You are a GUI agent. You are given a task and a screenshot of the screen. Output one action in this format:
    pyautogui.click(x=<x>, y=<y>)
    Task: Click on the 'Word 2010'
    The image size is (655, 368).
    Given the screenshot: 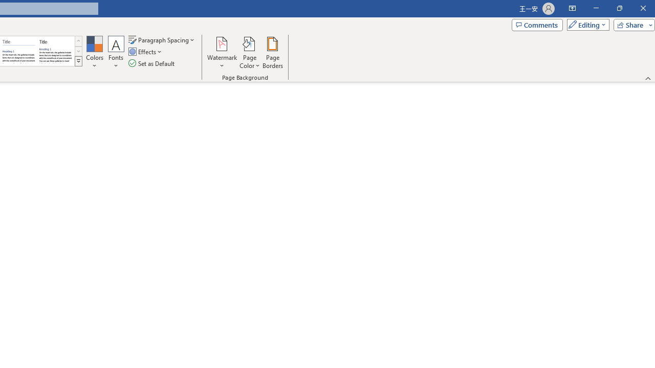 What is the action you would take?
    pyautogui.click(x=19, y=51)
    